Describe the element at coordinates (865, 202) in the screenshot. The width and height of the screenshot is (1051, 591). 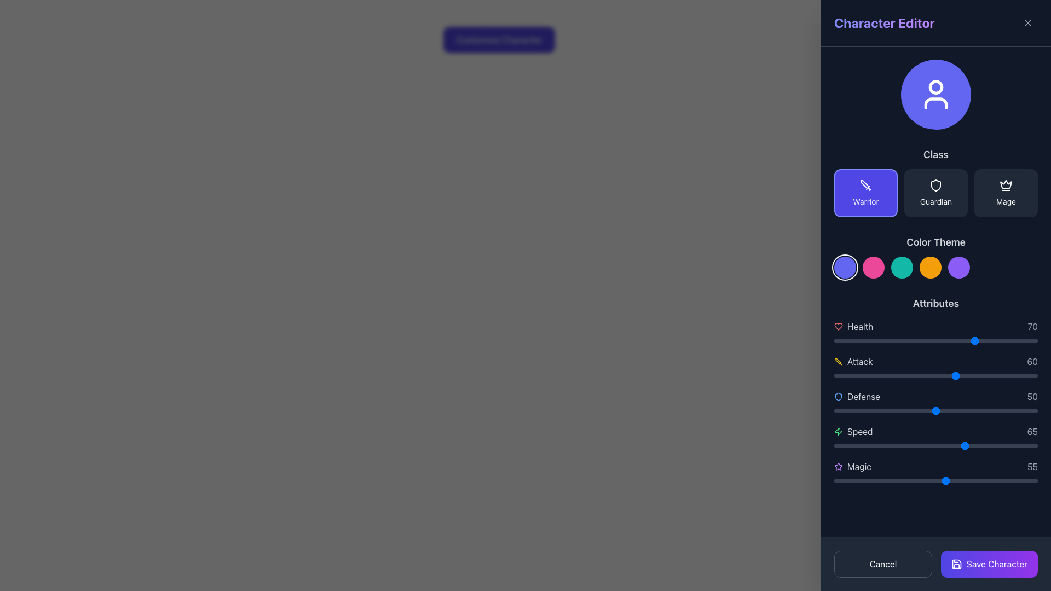
I see `the 'Warrior' class selection text label located at the bottom of the first button in the 'Class' section of the 'Character Editor'` at that location.